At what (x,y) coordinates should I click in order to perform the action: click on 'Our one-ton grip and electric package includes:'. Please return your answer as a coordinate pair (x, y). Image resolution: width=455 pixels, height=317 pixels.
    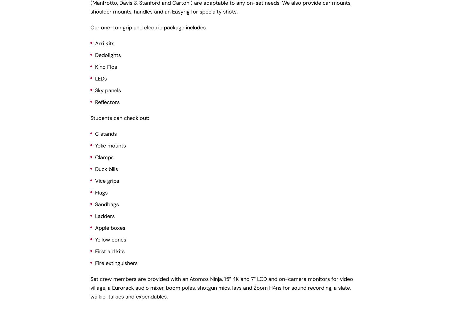
    Looking at the image, I should click on (149, 27).